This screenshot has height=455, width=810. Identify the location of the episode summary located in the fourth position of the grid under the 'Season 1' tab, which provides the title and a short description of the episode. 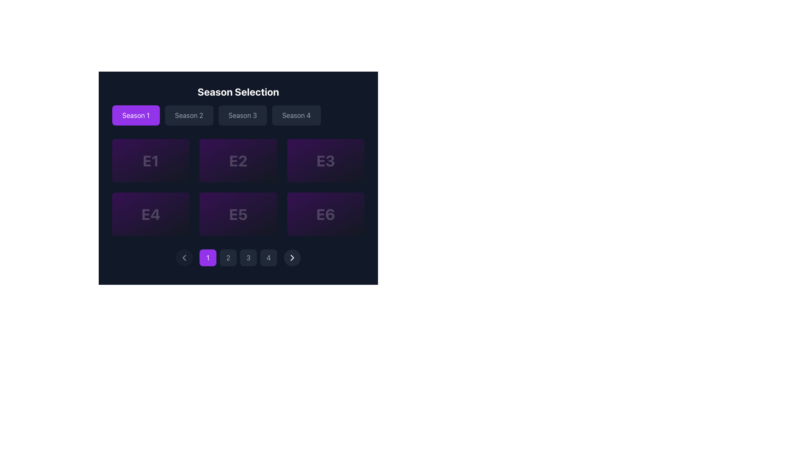
(151, 218).